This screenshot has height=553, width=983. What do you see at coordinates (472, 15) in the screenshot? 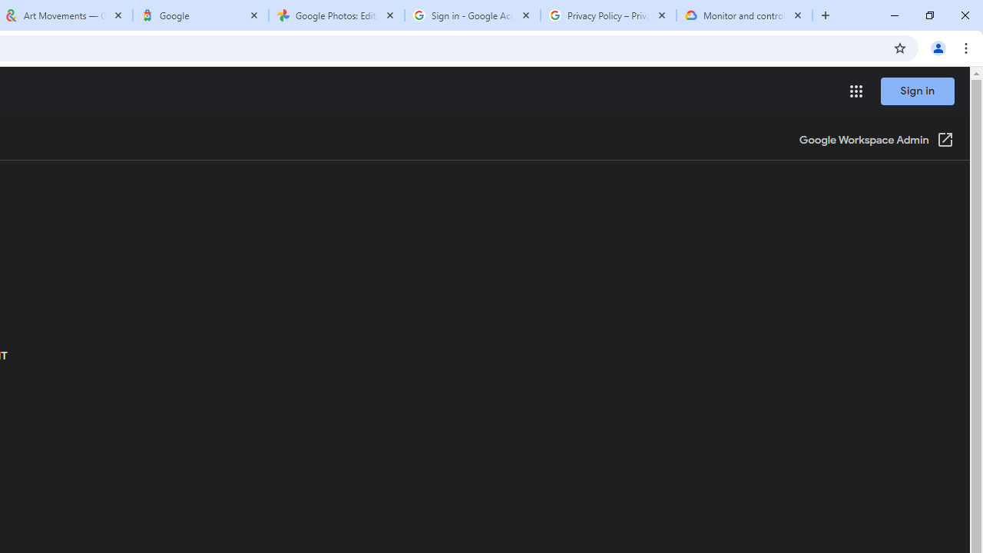
I see `'Sign in - Google Accounts'` at bounding box center [472, 15].